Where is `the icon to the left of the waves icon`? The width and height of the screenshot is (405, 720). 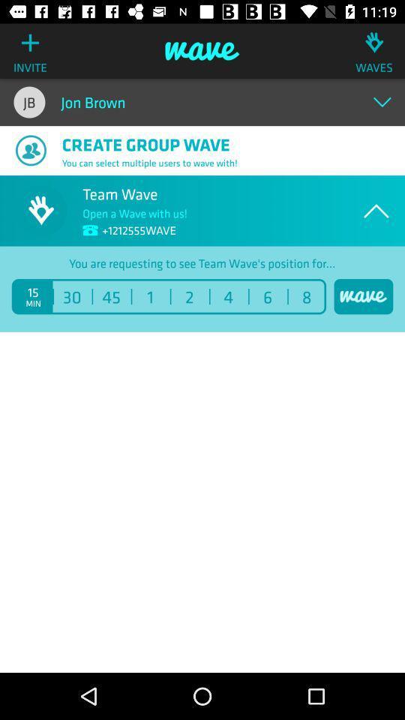
the icon to the left of the waves icon is located at coordinates (202, 51).